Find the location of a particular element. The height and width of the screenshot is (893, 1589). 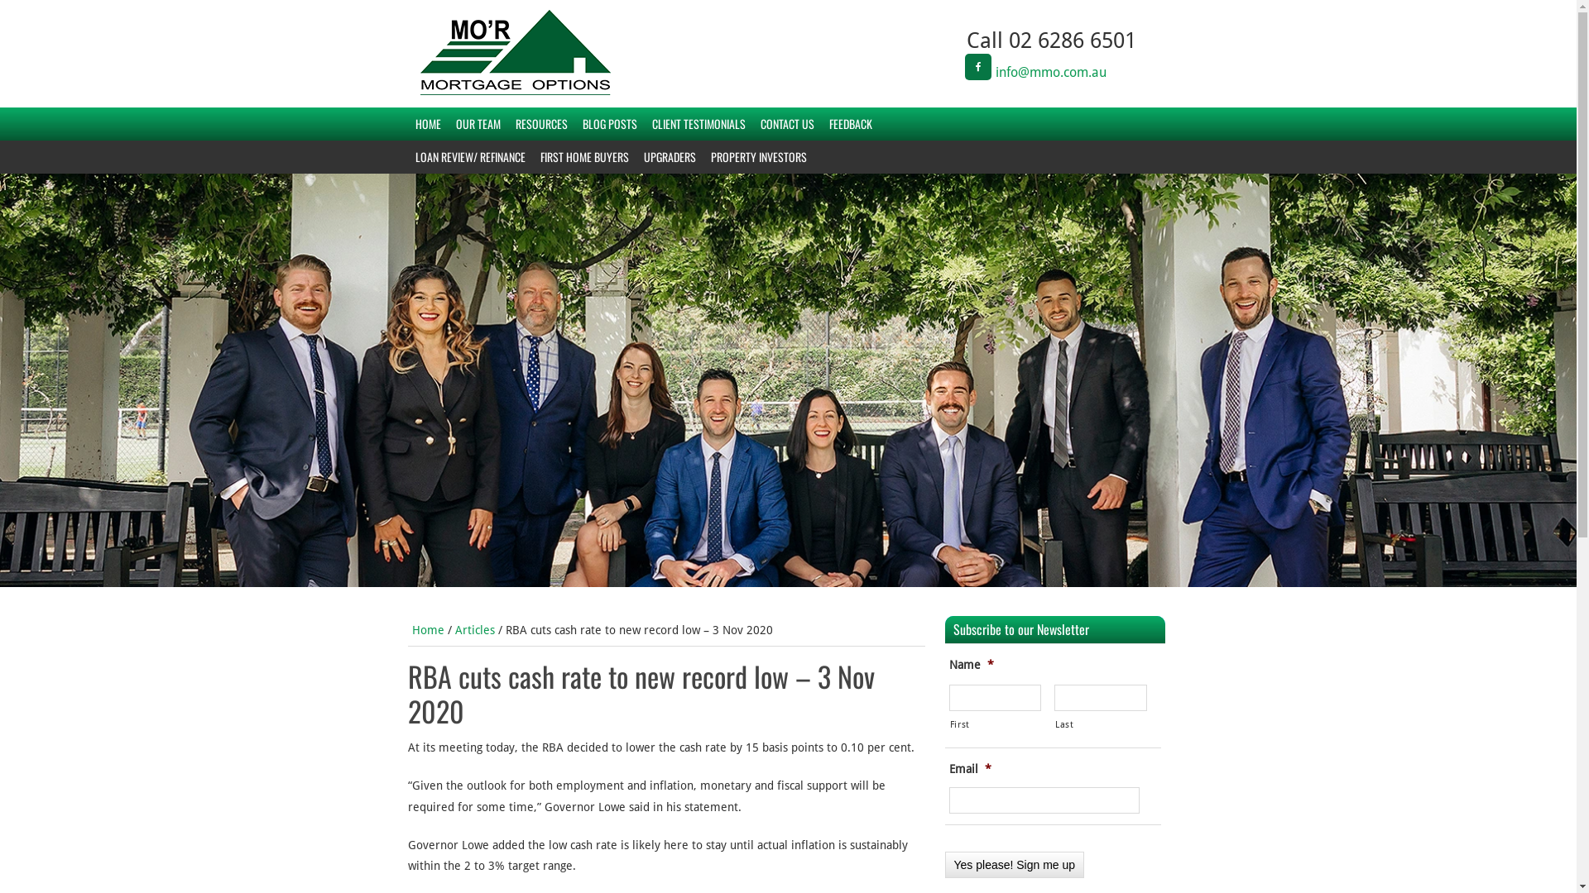

'MO'R MORTGAGE OPTIONS' is located at coordinates (559, 29).